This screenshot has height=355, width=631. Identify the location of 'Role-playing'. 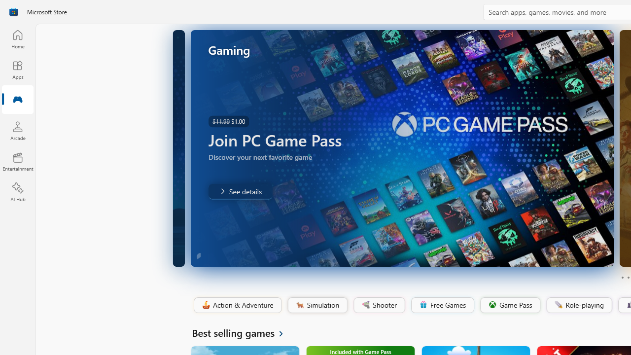
(579, 305).